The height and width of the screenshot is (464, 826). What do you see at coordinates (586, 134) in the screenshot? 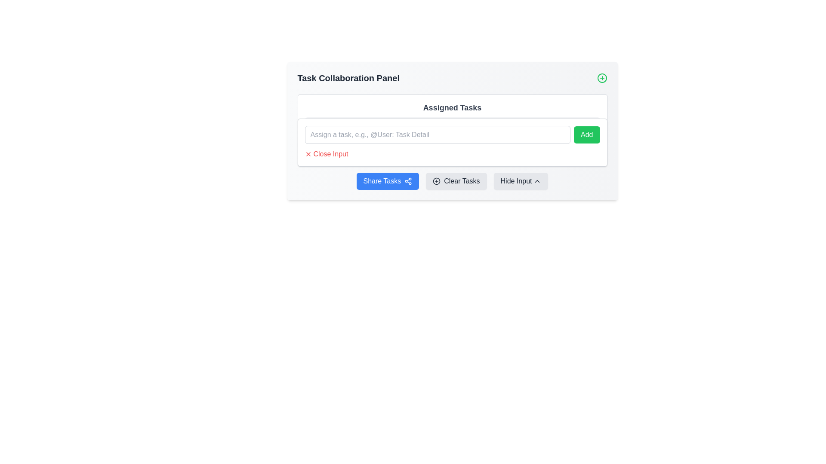
I see `the rectangular green button labeled 'Add' located in the top-right corner of the 'Assigned Tasks' area` at bounding box center [586, 134].